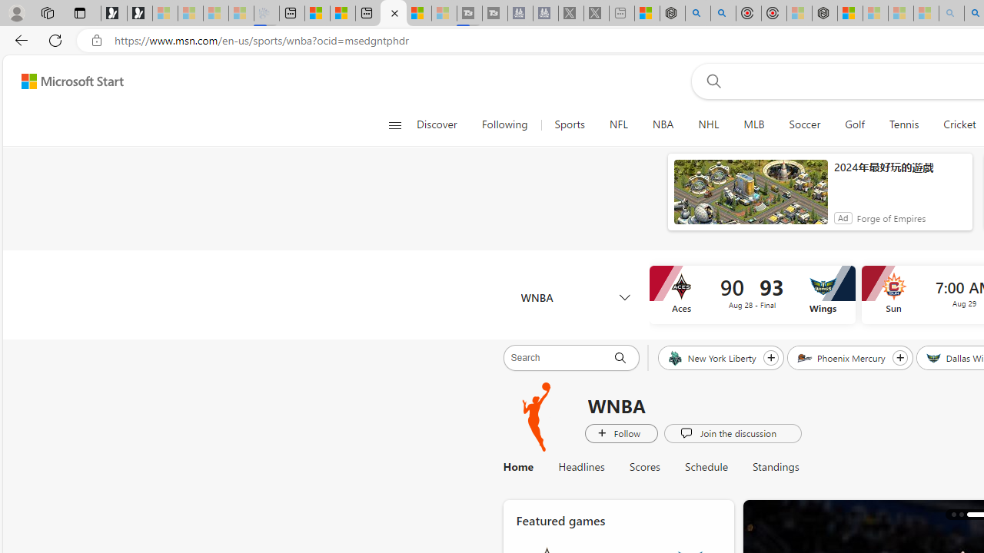 Image resolution: width=984 pixels, height=553 pixels. Describe the element at coordinates (959, 124) in the screenshot. I see `'Cricket'` at that location.